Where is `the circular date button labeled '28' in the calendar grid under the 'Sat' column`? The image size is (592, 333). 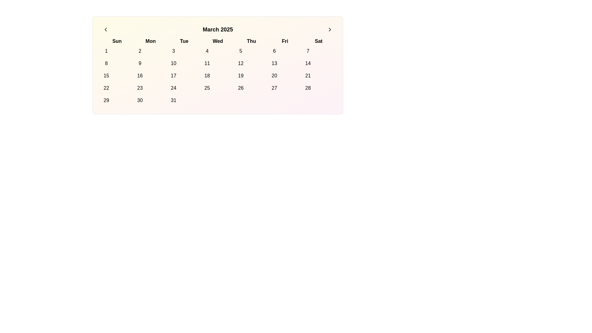 the circular date button labeled '28' in the calendar grid under the 'Sat' column is located at coordinates (308, 88).